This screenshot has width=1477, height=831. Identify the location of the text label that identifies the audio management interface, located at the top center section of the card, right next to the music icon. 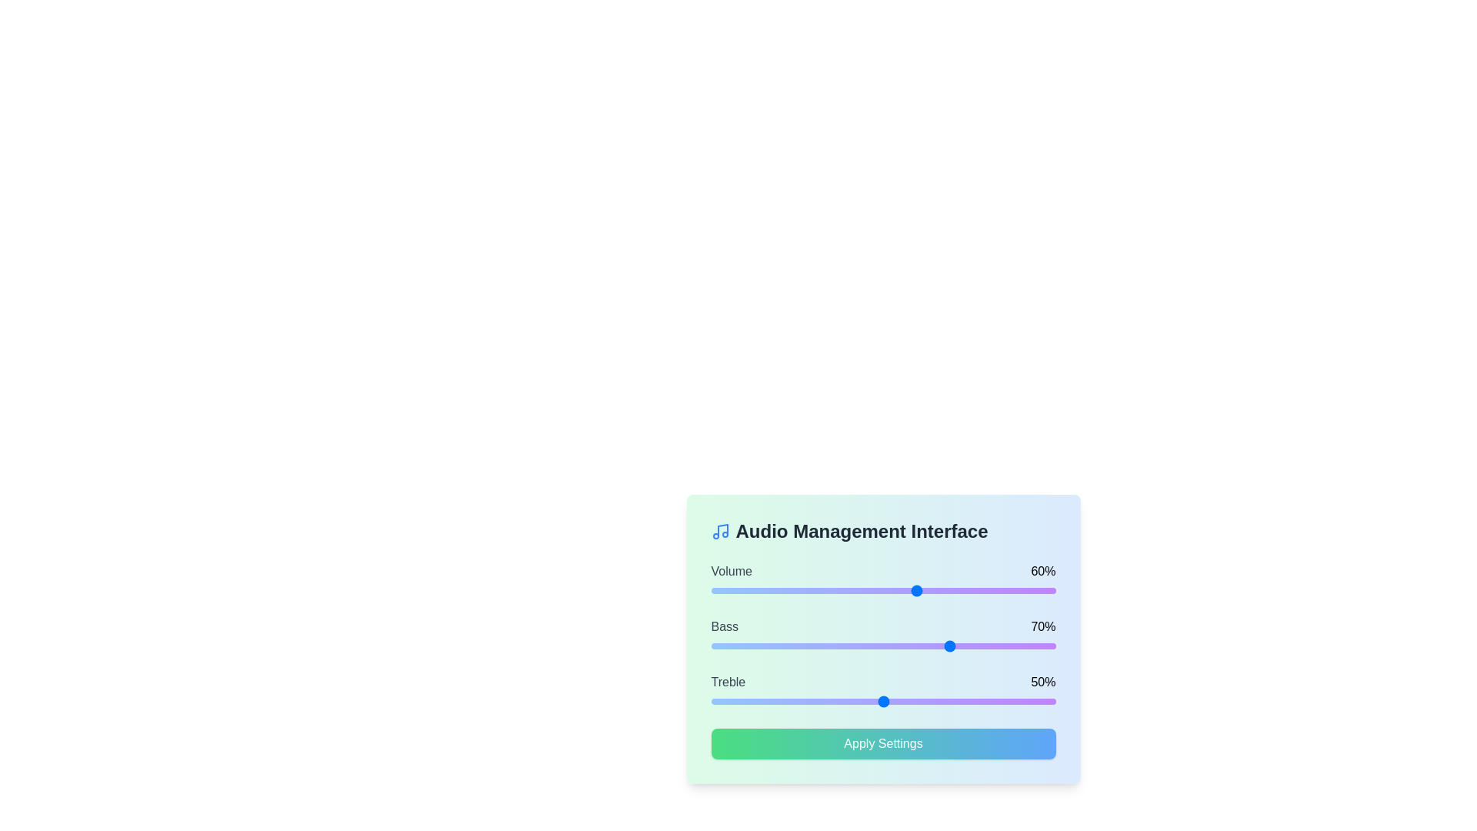
(862, 530).